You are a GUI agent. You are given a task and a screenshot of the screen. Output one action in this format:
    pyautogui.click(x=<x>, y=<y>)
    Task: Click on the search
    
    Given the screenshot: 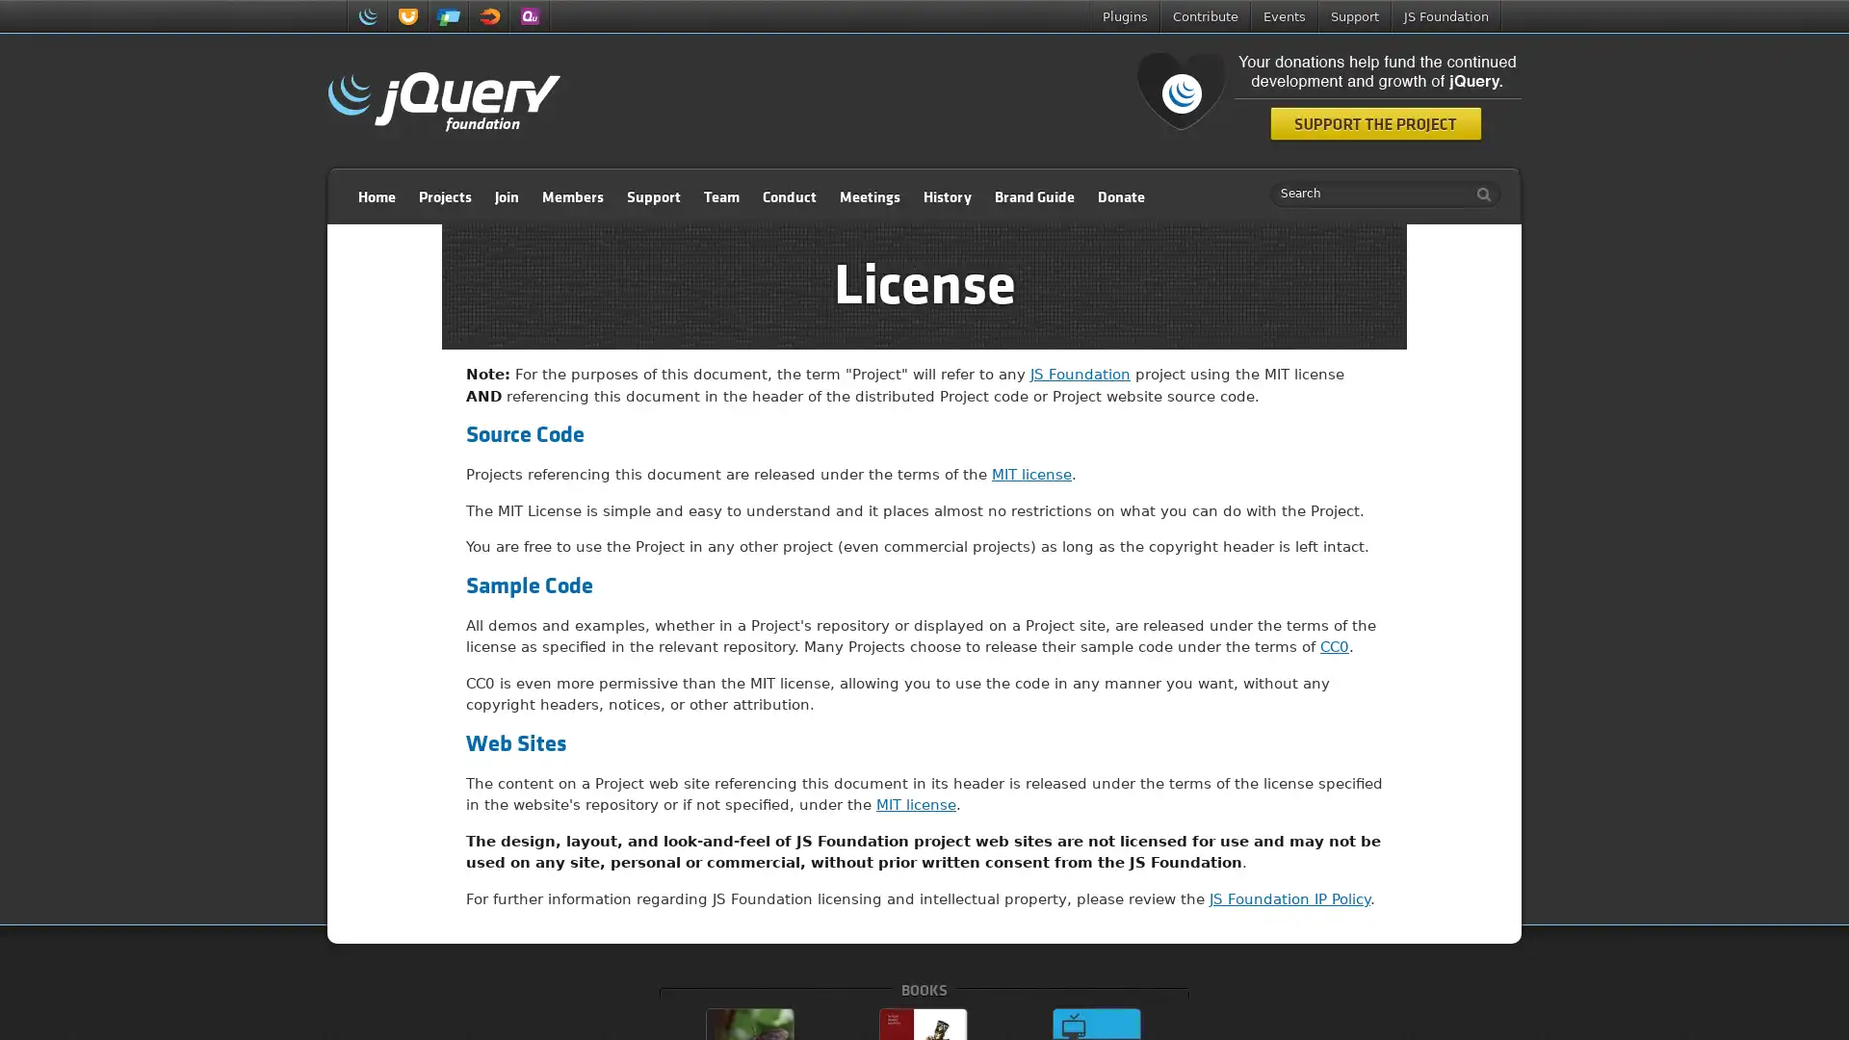 What is the action you would take?
    pyautogui.click(x=1478, y=194)
    